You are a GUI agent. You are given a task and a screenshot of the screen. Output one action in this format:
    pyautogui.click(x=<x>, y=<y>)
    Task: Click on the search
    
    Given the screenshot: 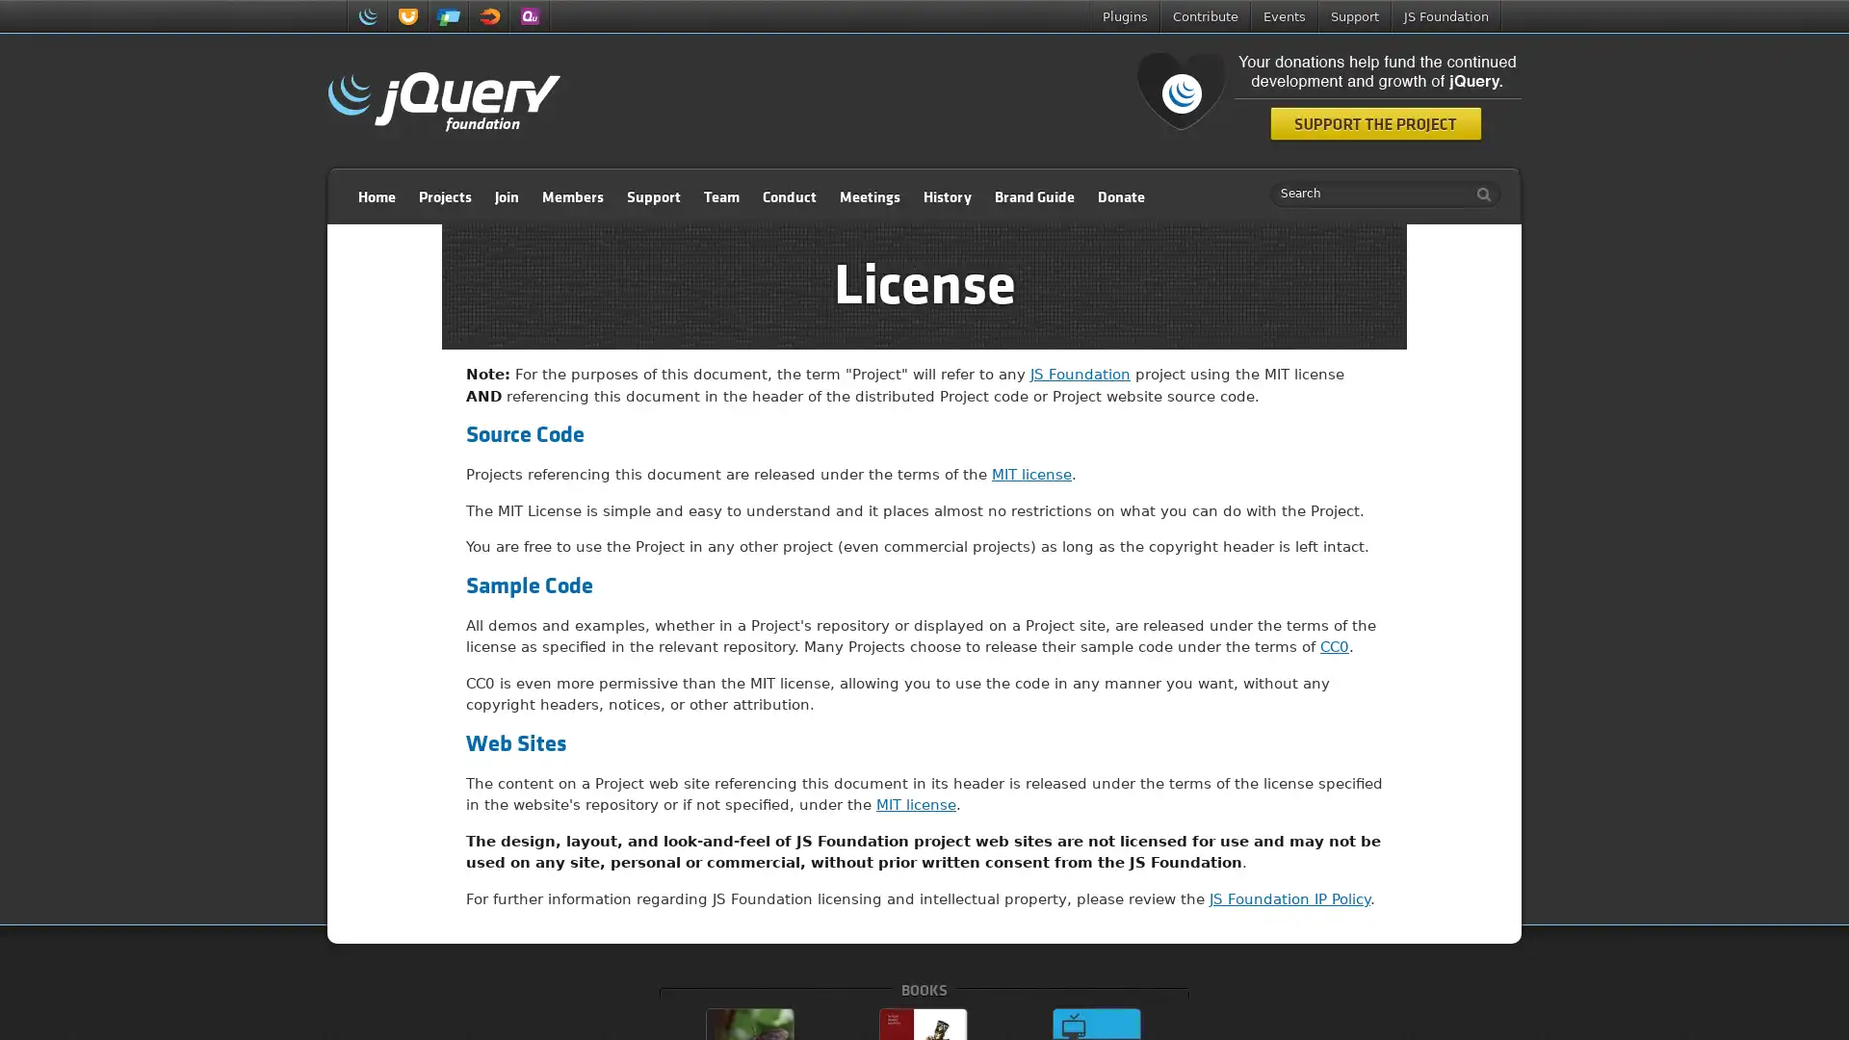 What is the action you would take?
    pyautogui.click(x=1478, y=194)
    